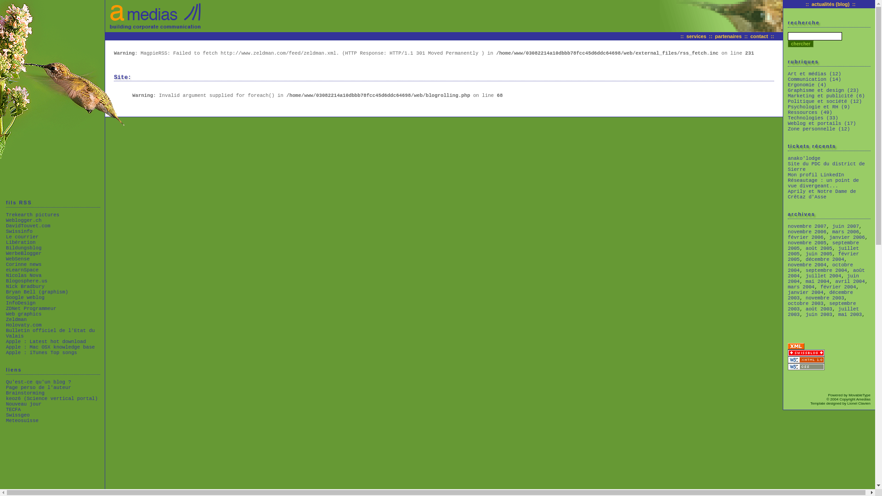 This screenshot has height=496, width=882. What do you see at coordinates (16, 319) in the screenshot?
I see `'Zeldman'` at bounding box center [16, 319].